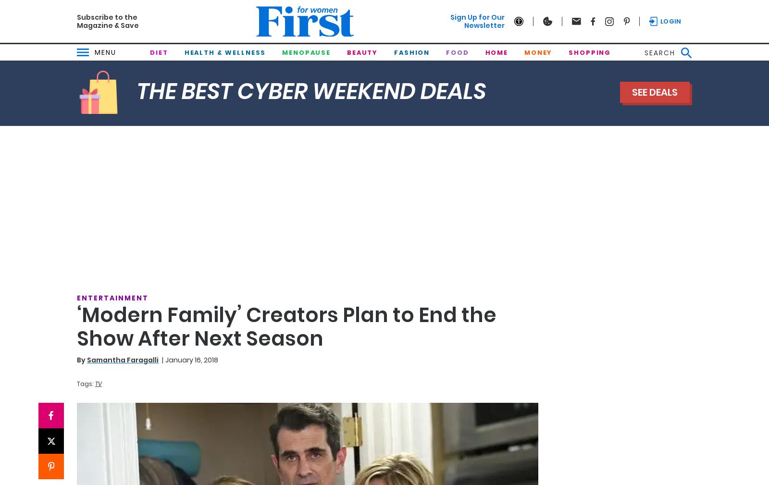 The height and width of the screenshot is (485, 769). What do you see at coordinates (404, 274) in the screenshot?
I see `'OK'` at bounding box center [404, 274].